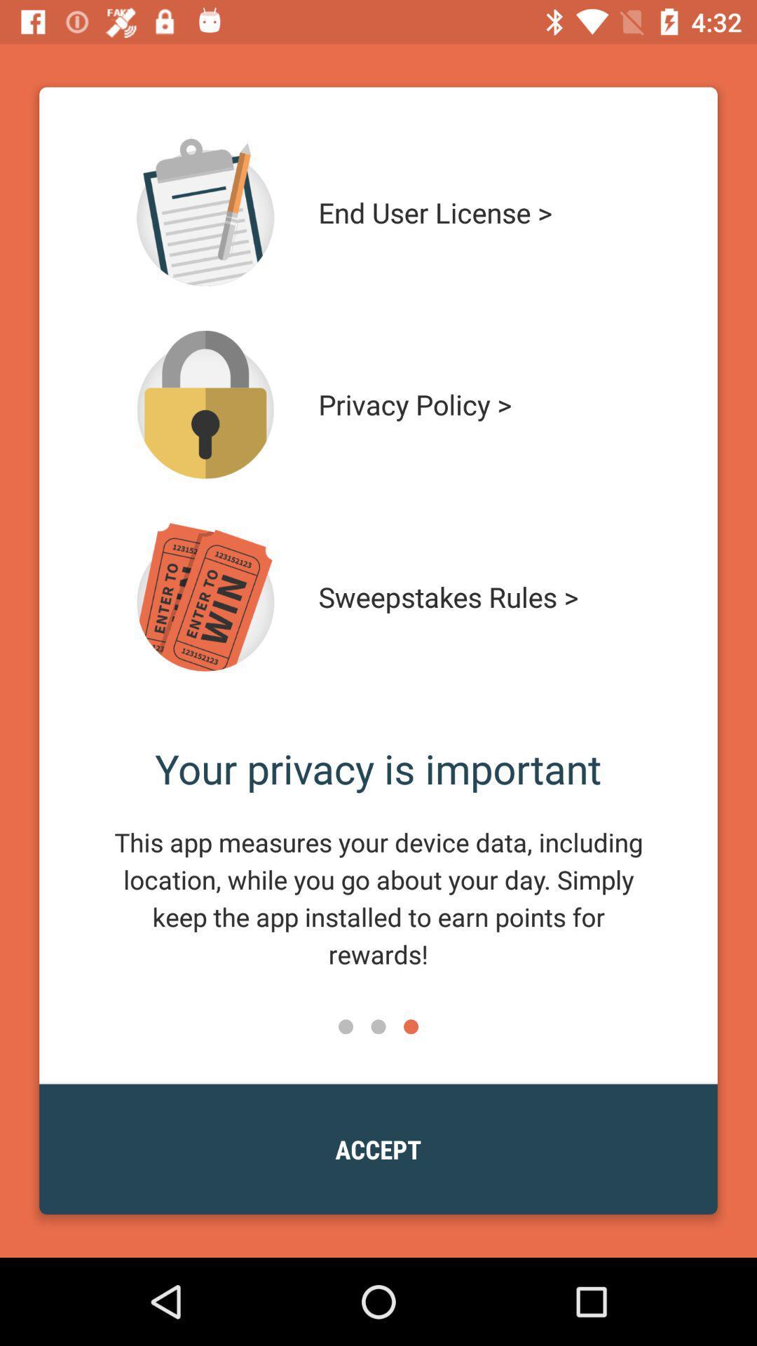 This screenshot has width=757, height=1346. I want to click on end user license, so click(205, 212).